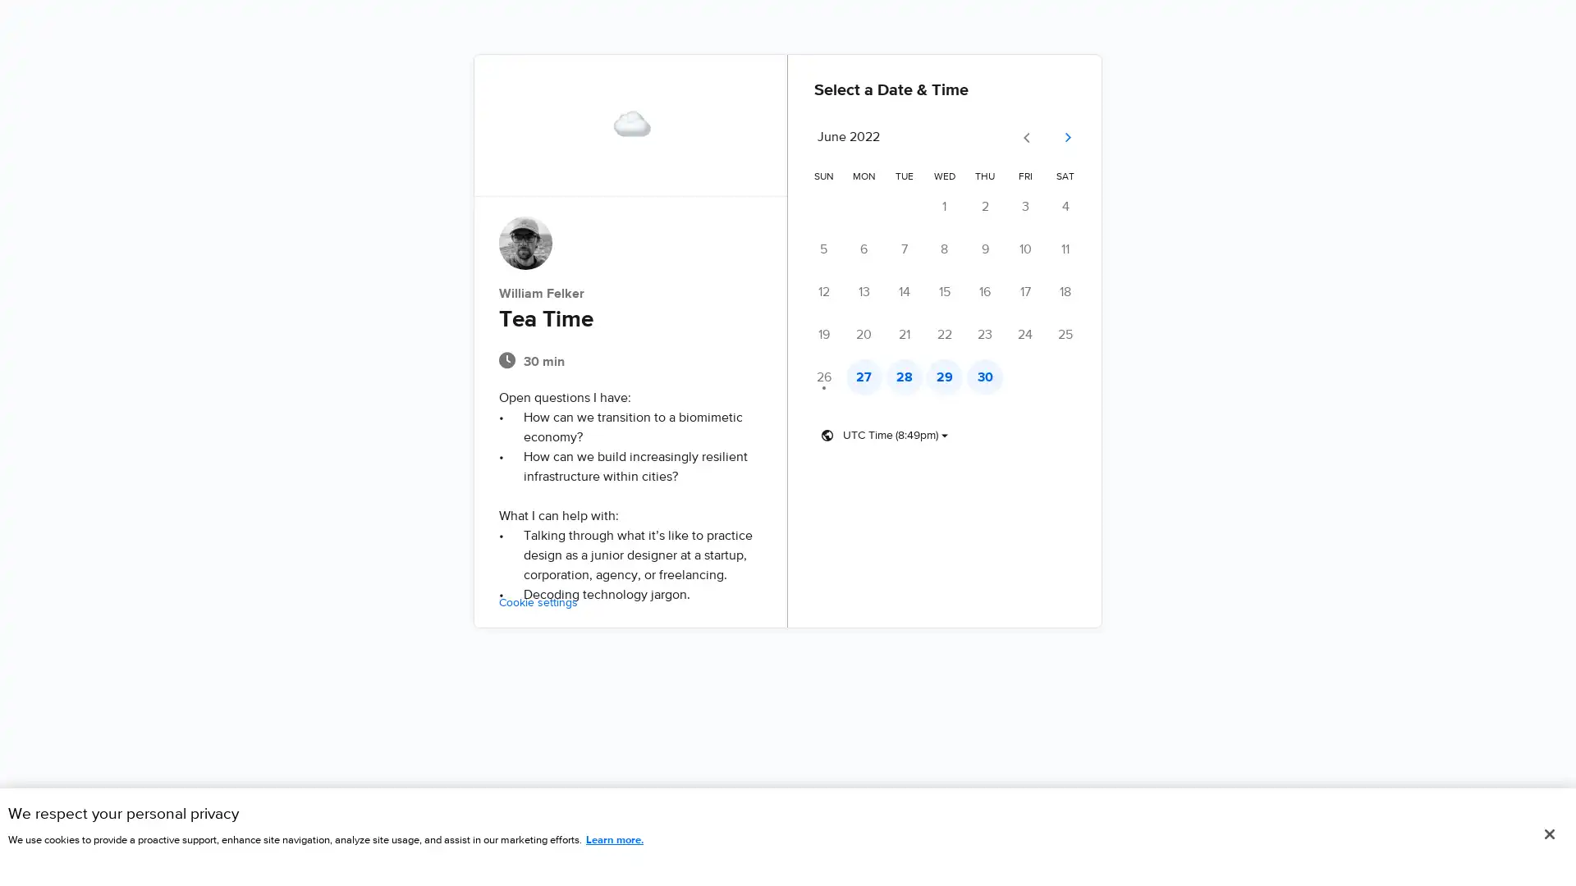 Image resolution: width=1576 pixels, height=886 pixels. What do you see at coordinates (884, 435) in the screenshot?
I see `Timezone dropdown button` at bounding box center [884, 435].